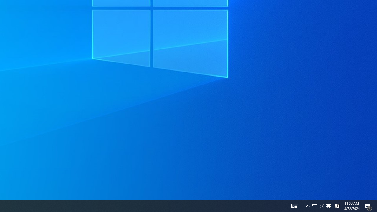 The height and width of the screenshot is (212, 377). Describe the element at coordinates (307, 206) in the screenshot. I see `'Notification Chevron'` at that location.